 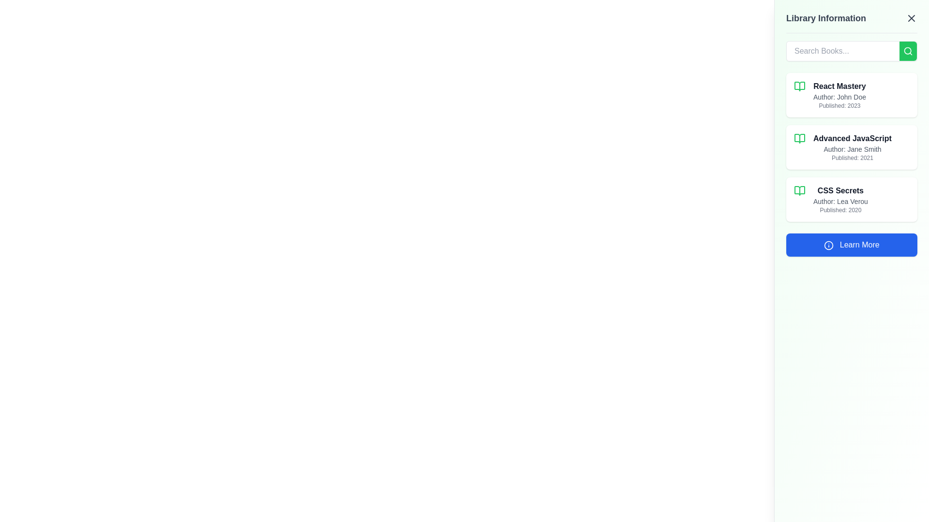 What do you see at coordinates (852, 138) in the screenshot?
I see `text content of the book title label located in the second position of the list in the right panel` at bounding box center [852, 138].